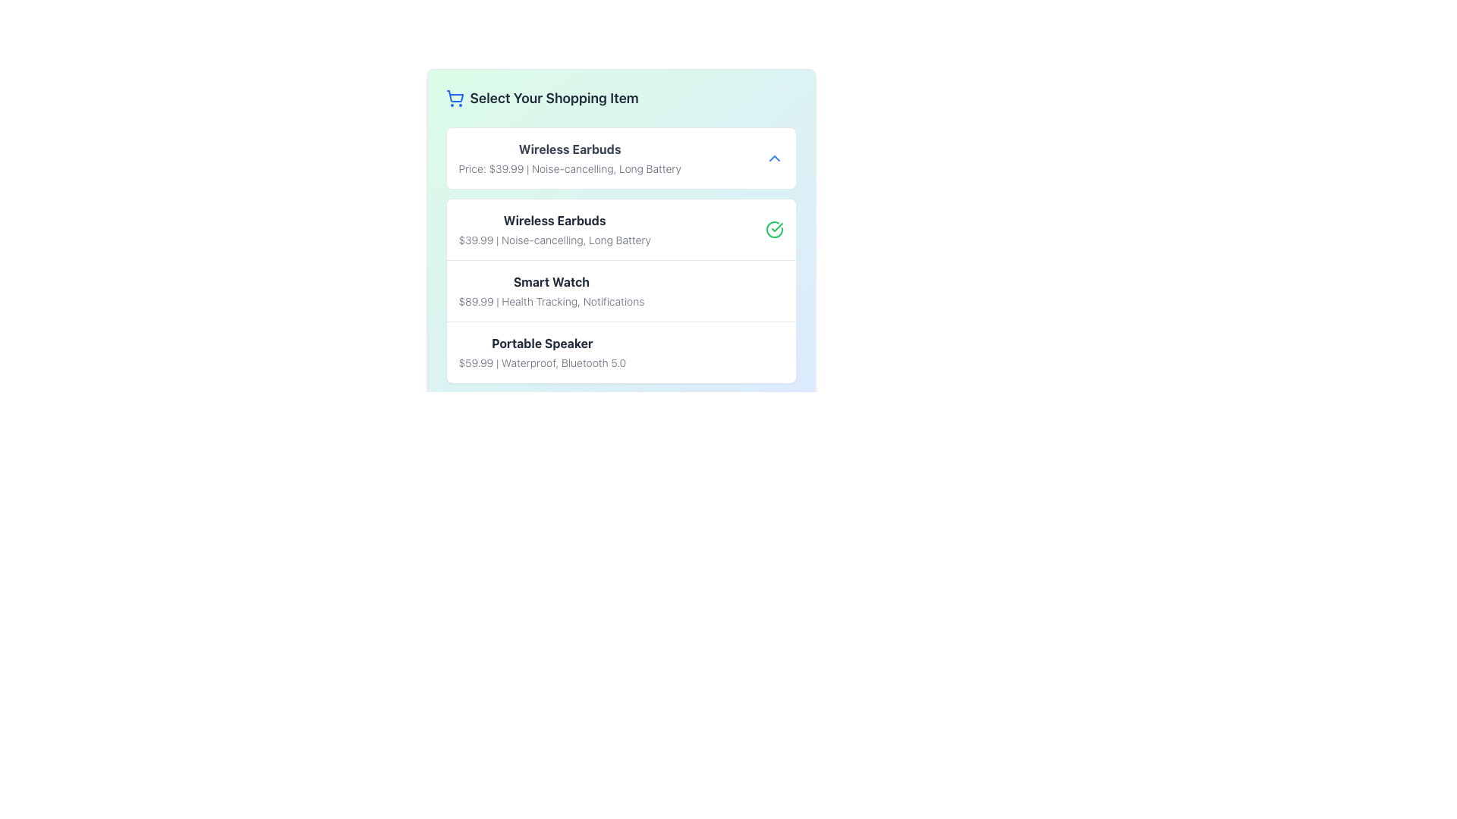 The height and width of the screenshot is (819, 1457). I want to click on the toggle icon at the right end of the 'Wireless Earbuds' product card, so click(774, 158).